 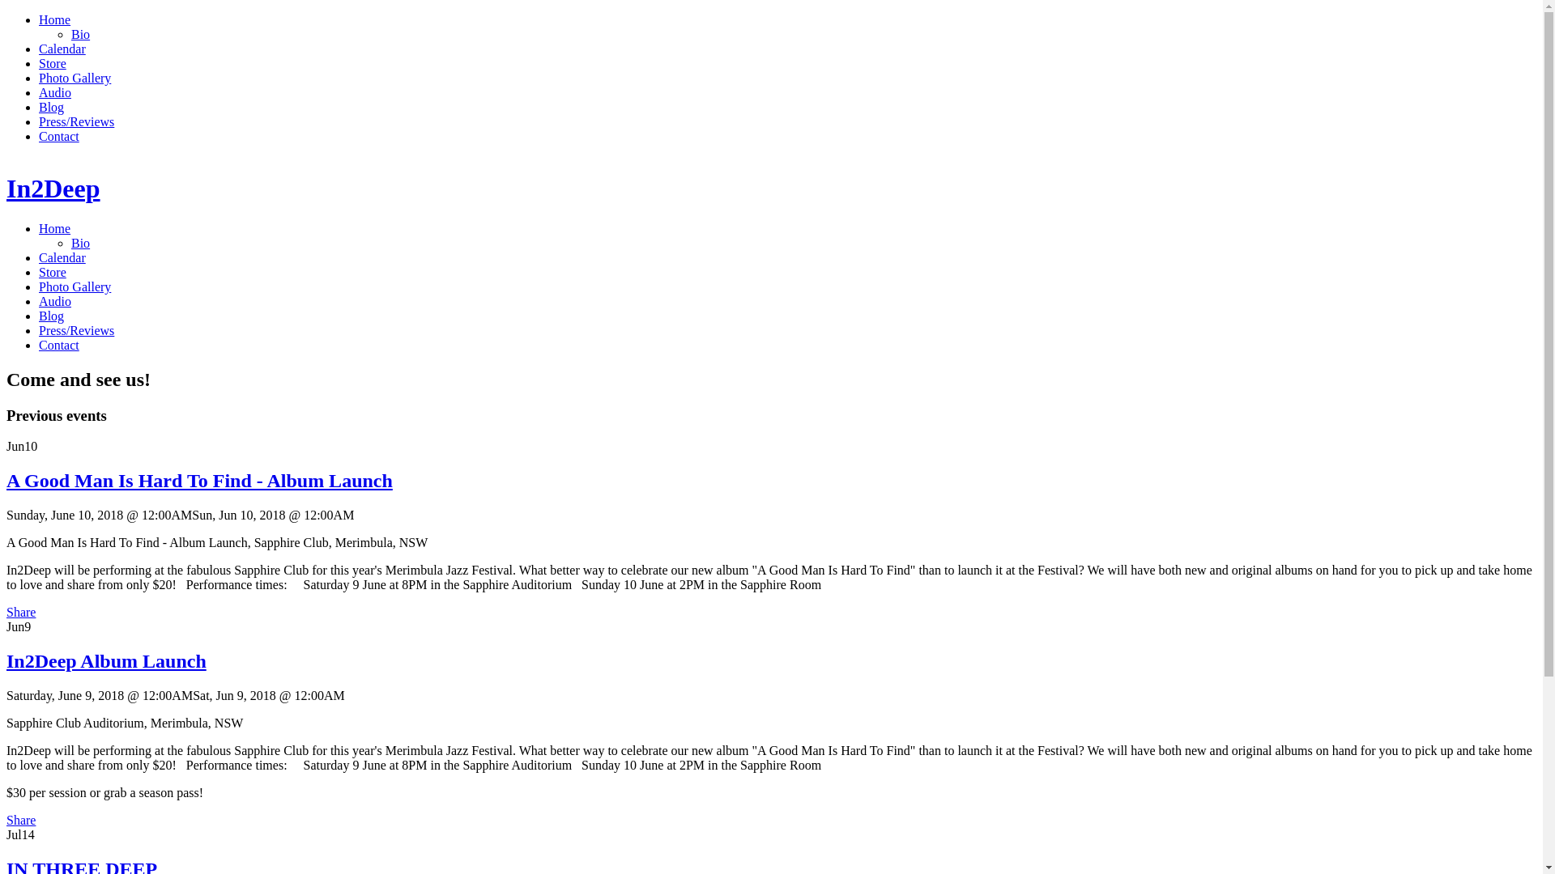 What do you see at coordinates (58, 344) in the screenshot?
I see `'Contact'` at bounding box center [58, 344].